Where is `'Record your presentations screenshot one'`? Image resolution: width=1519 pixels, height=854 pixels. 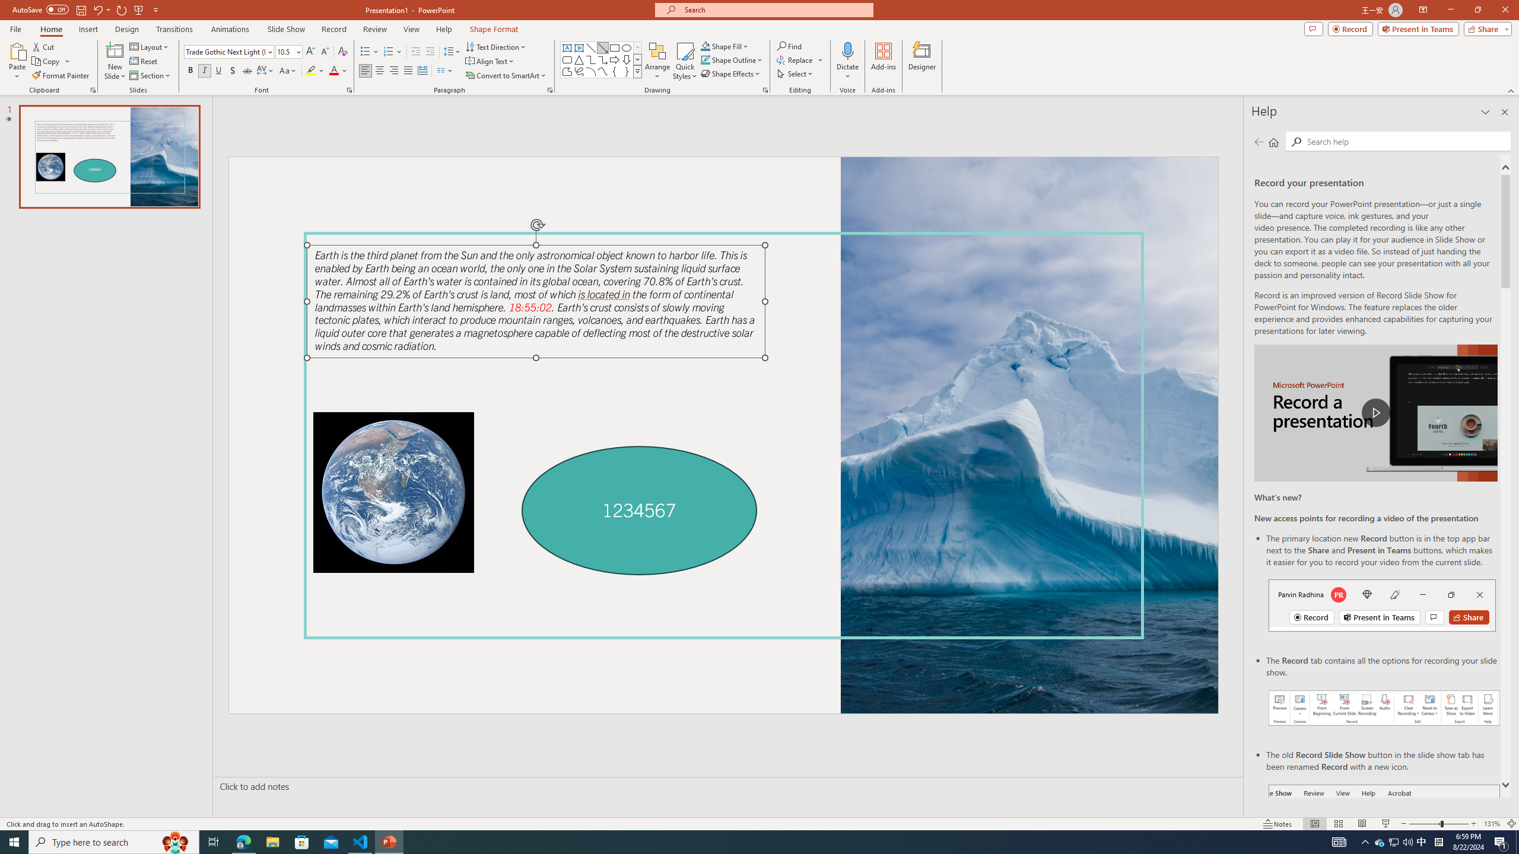 'Record your presentations screenshot one' is located at coordinates (1384, 707).